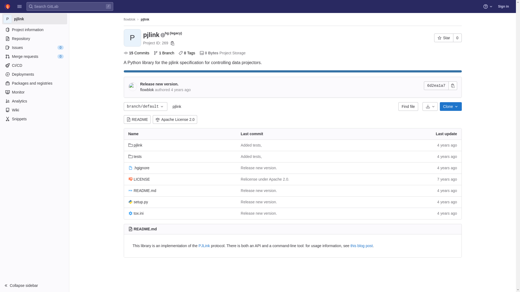 This screenshot has width=520, height=292. What do you see at coordinates (265, 179) in the screenshot?
I see `'Relicense under Apache 2.0.'` at bounding box center [265, 179].